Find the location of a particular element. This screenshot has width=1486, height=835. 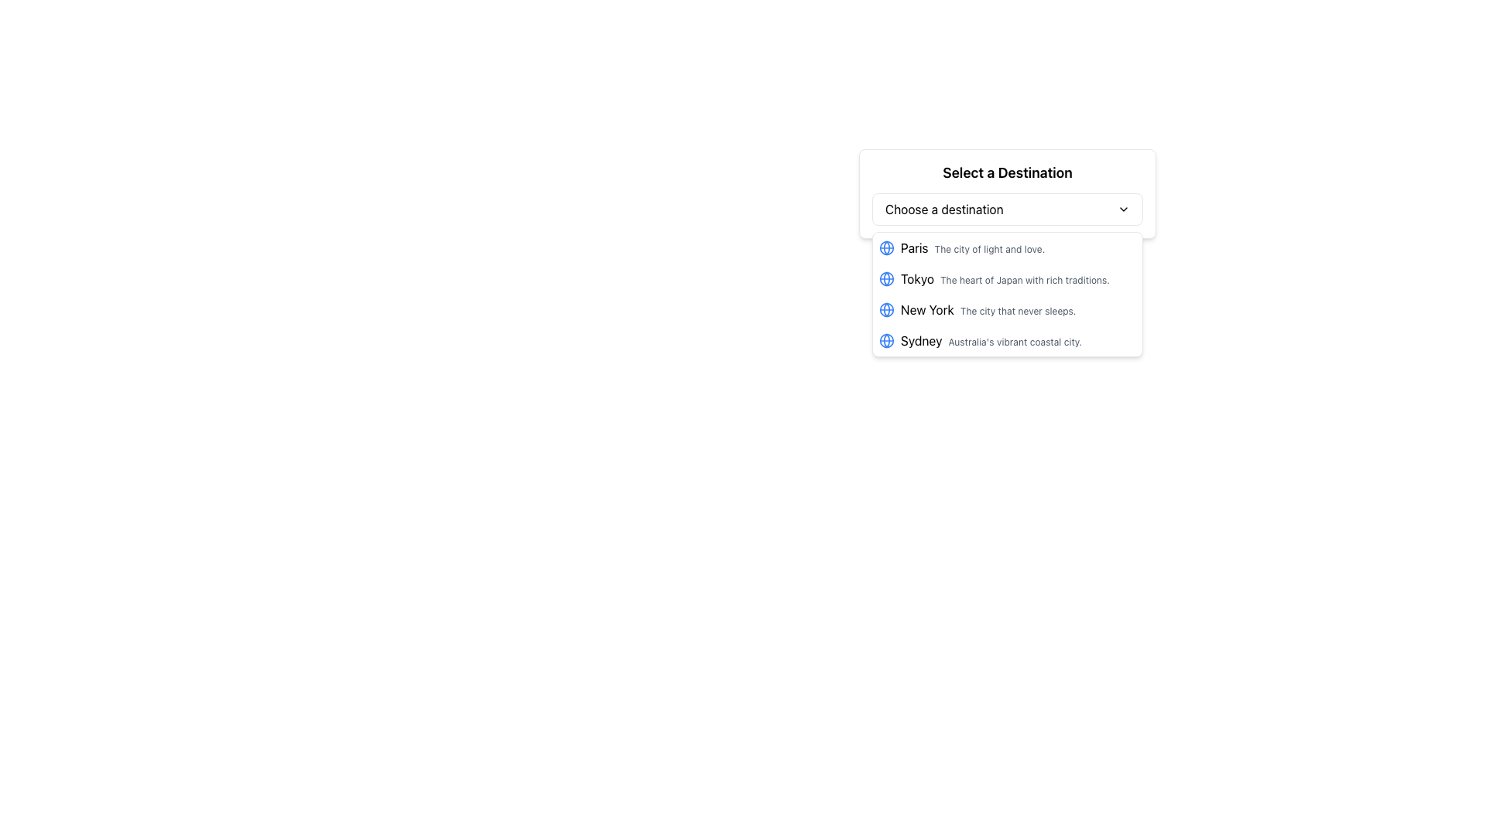

the inner circular part of the globe symbol icon located to the left of the text 'Paris' in the dropdown menu listing destinations is located at coordinates (887, 247).